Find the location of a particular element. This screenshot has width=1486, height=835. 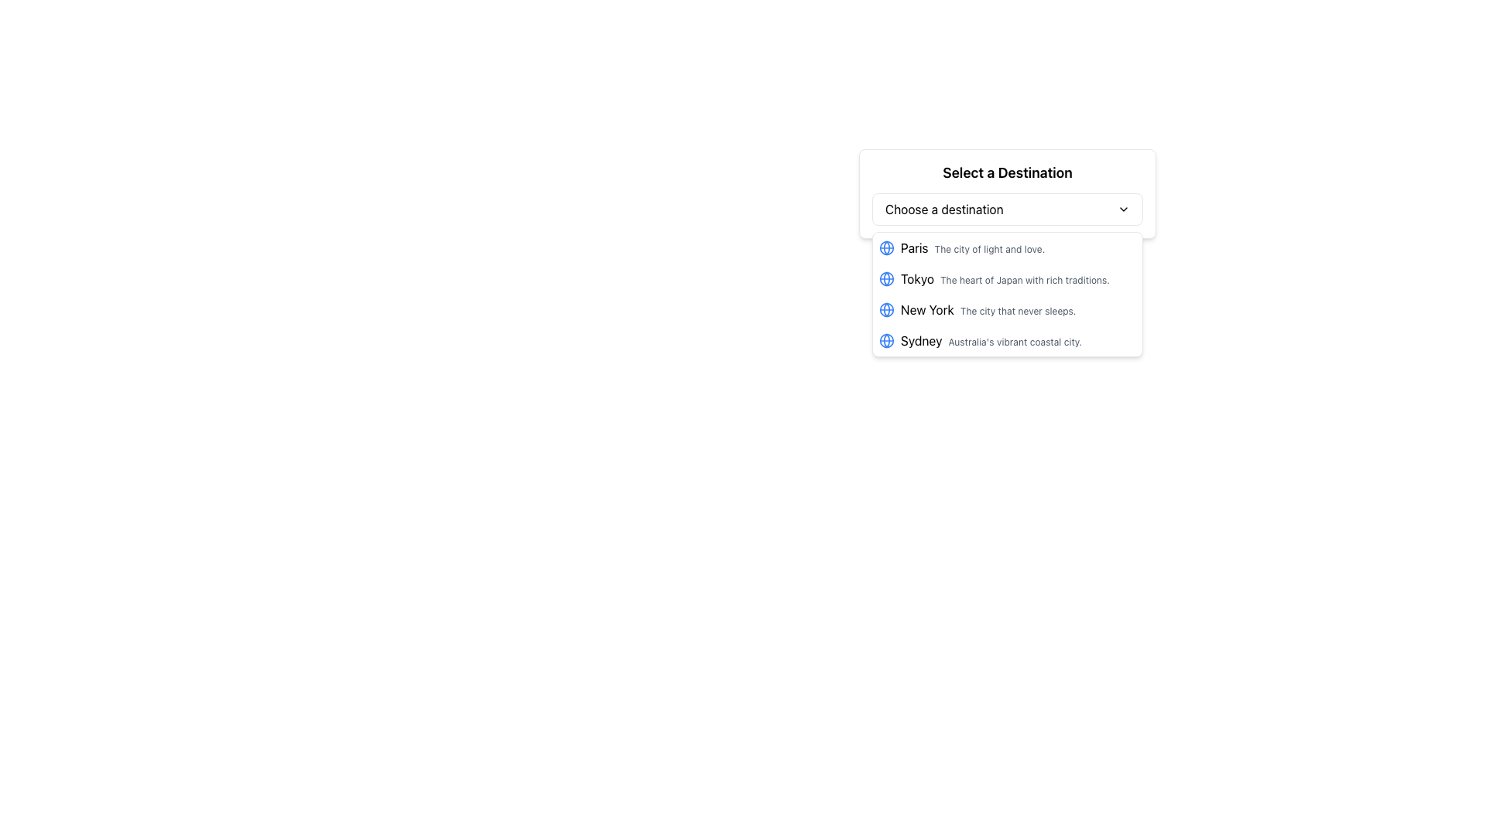

the inner circular part of the globe symbol icon located to the left of the text 'Paris' in the dropdown menu listing destinations is located at coordinates (887, 247).